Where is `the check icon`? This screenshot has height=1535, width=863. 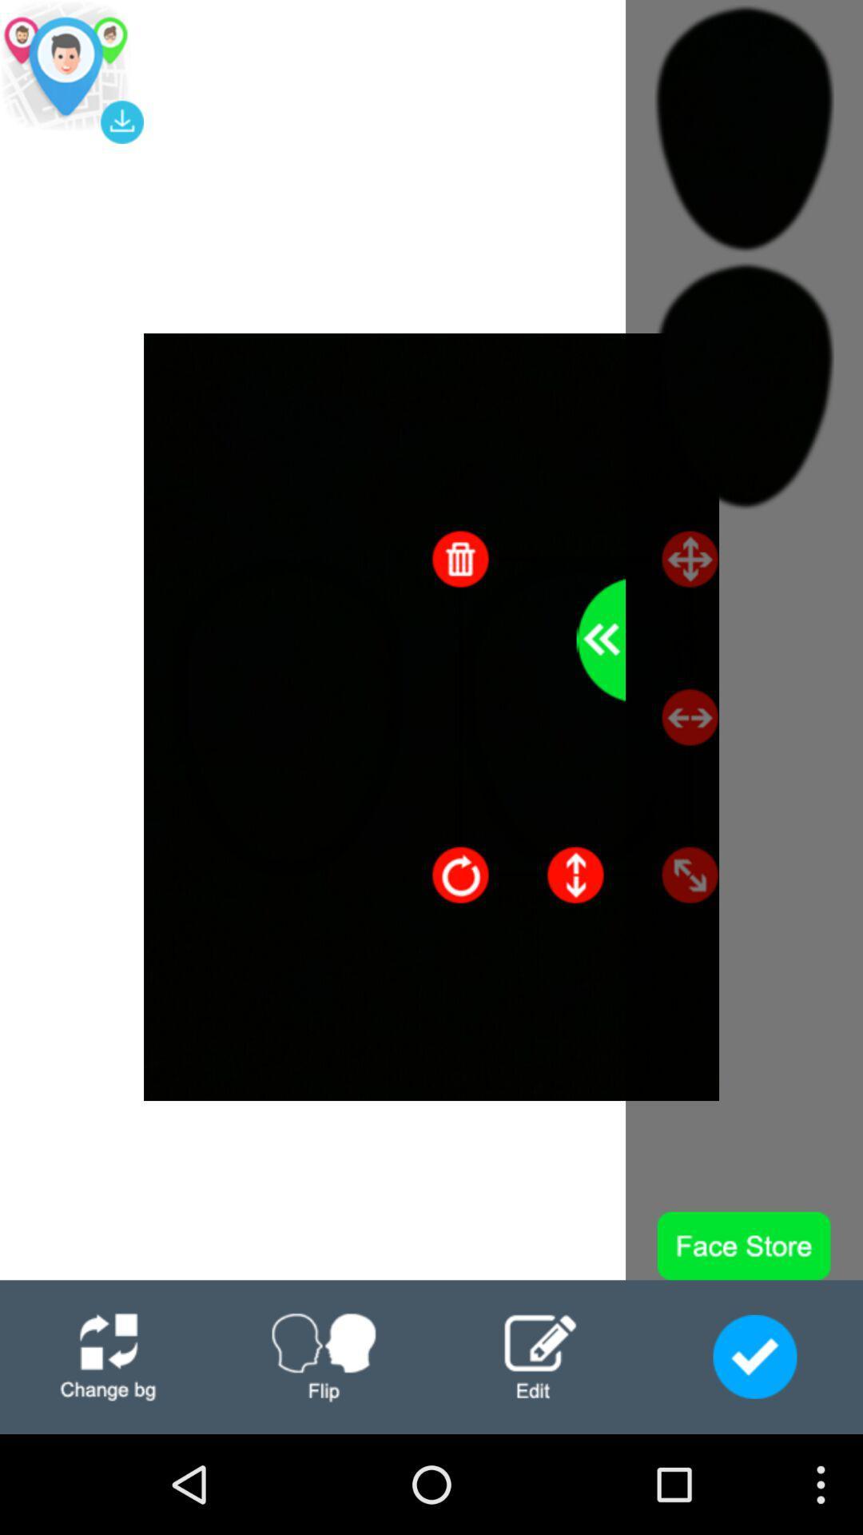 the check icon is located at coordinates (755, 1452).